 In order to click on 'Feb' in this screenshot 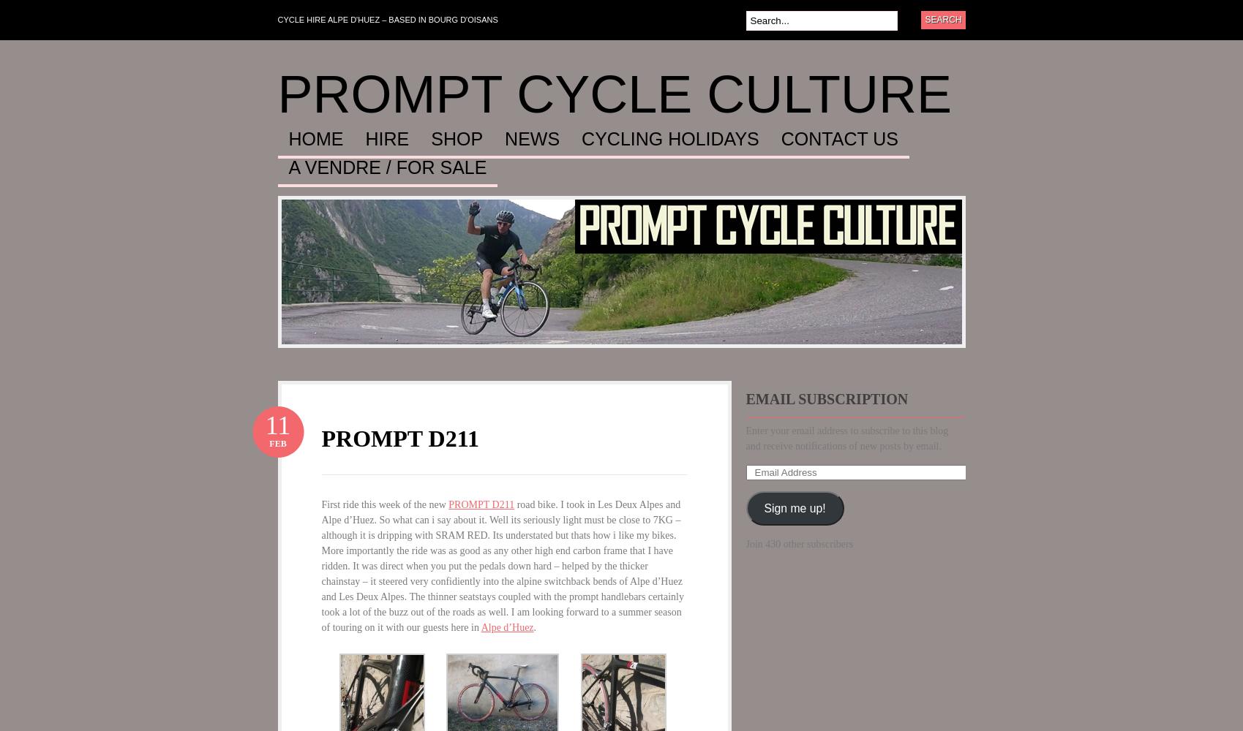, I will do `click(277, 443)`.